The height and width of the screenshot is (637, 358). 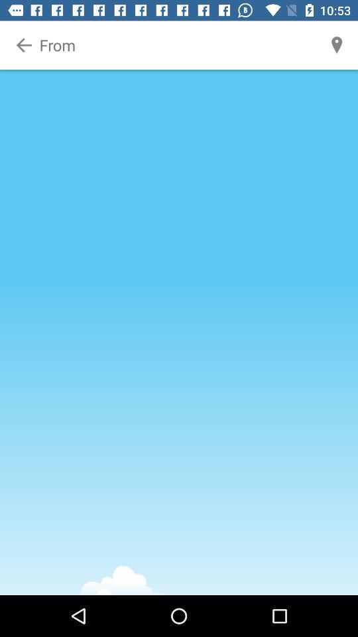 I want to click on previous, so click(x=24, y=45).